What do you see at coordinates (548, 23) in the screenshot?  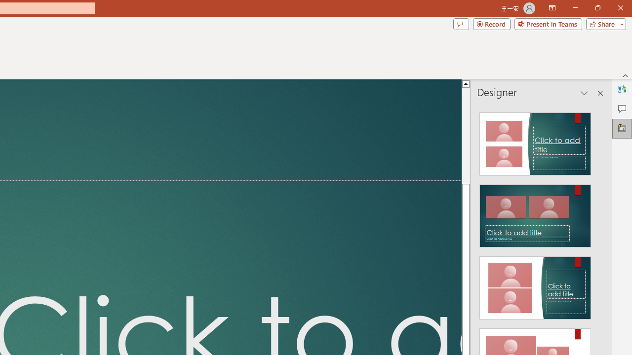 I see `'Present in Teams'` at bounding box center [548, 23].